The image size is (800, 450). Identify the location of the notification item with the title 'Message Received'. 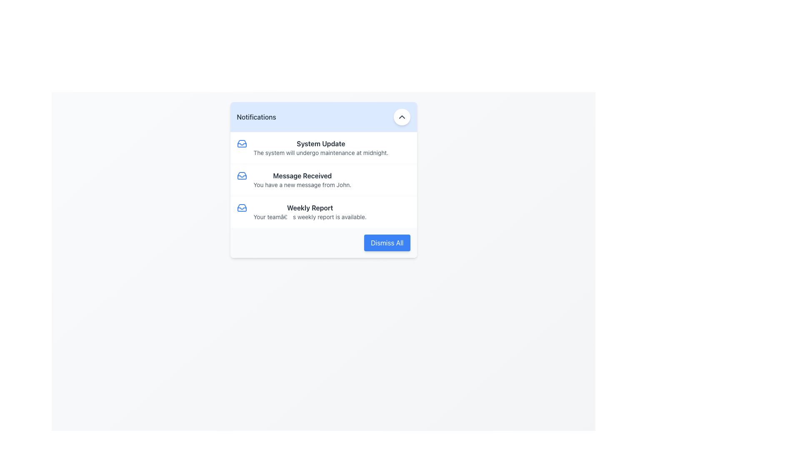
(323, 179).